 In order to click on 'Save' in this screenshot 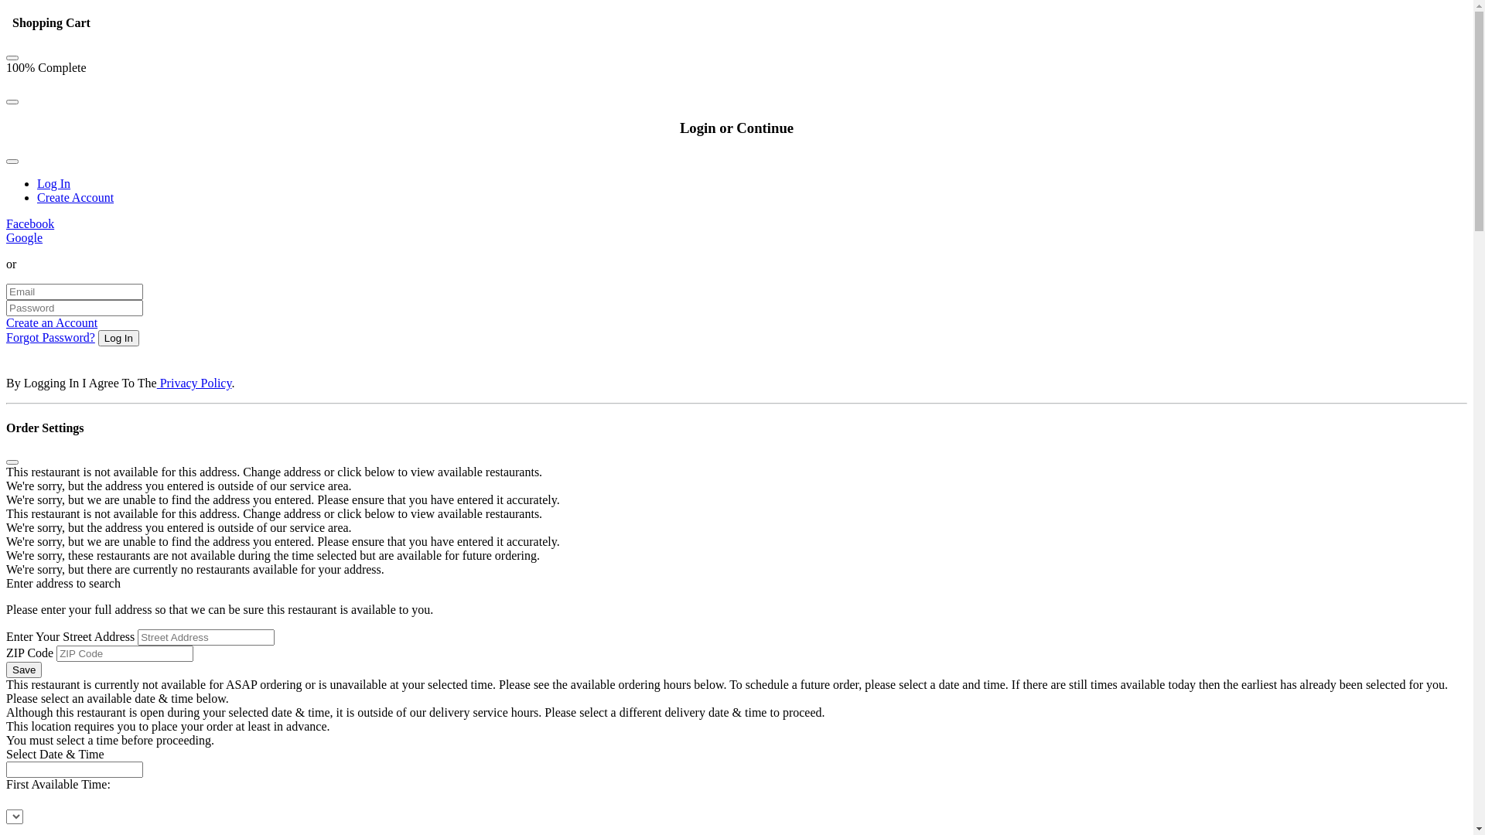, I will do `click(23, 669)`.